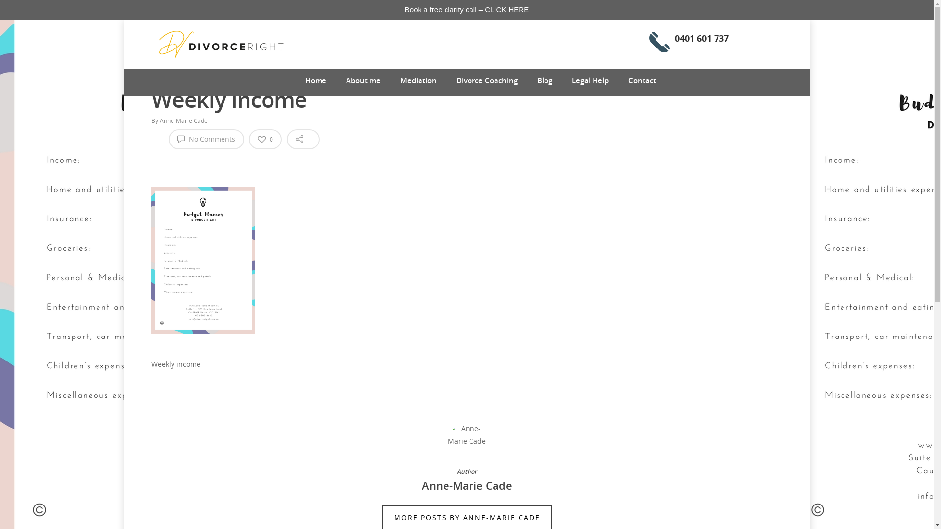 This screenshot has width=941, height=529. I want to click on 'Blog', so click(536, 80).